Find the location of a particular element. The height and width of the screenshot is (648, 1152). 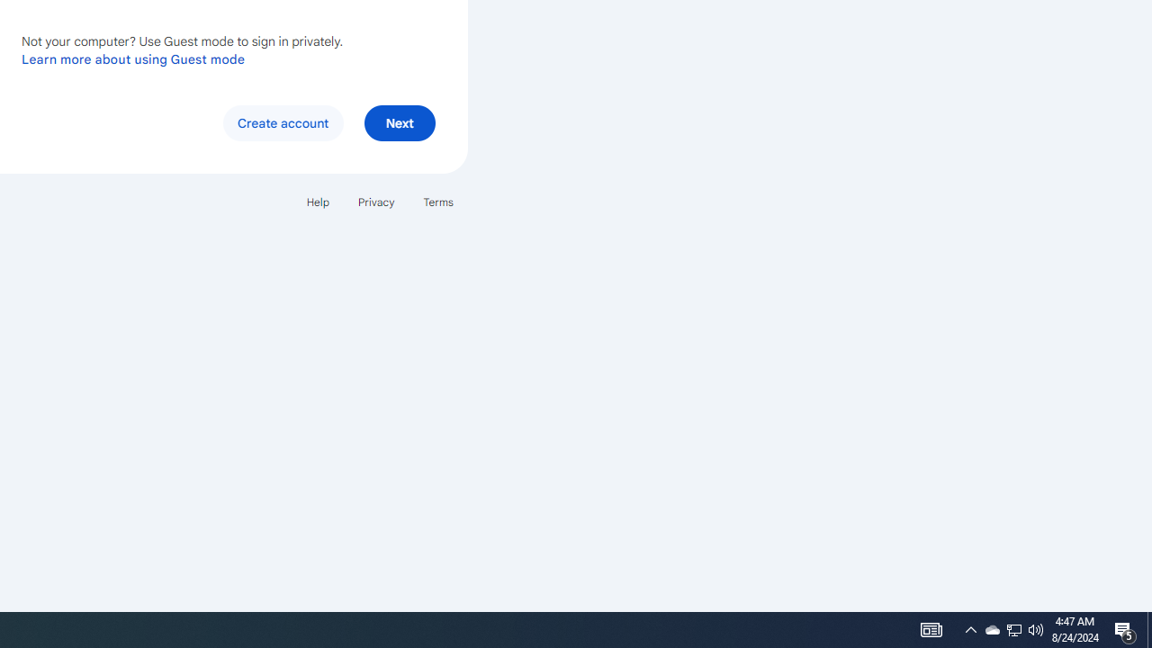

'Terms' is located at coordinates (438, 202).